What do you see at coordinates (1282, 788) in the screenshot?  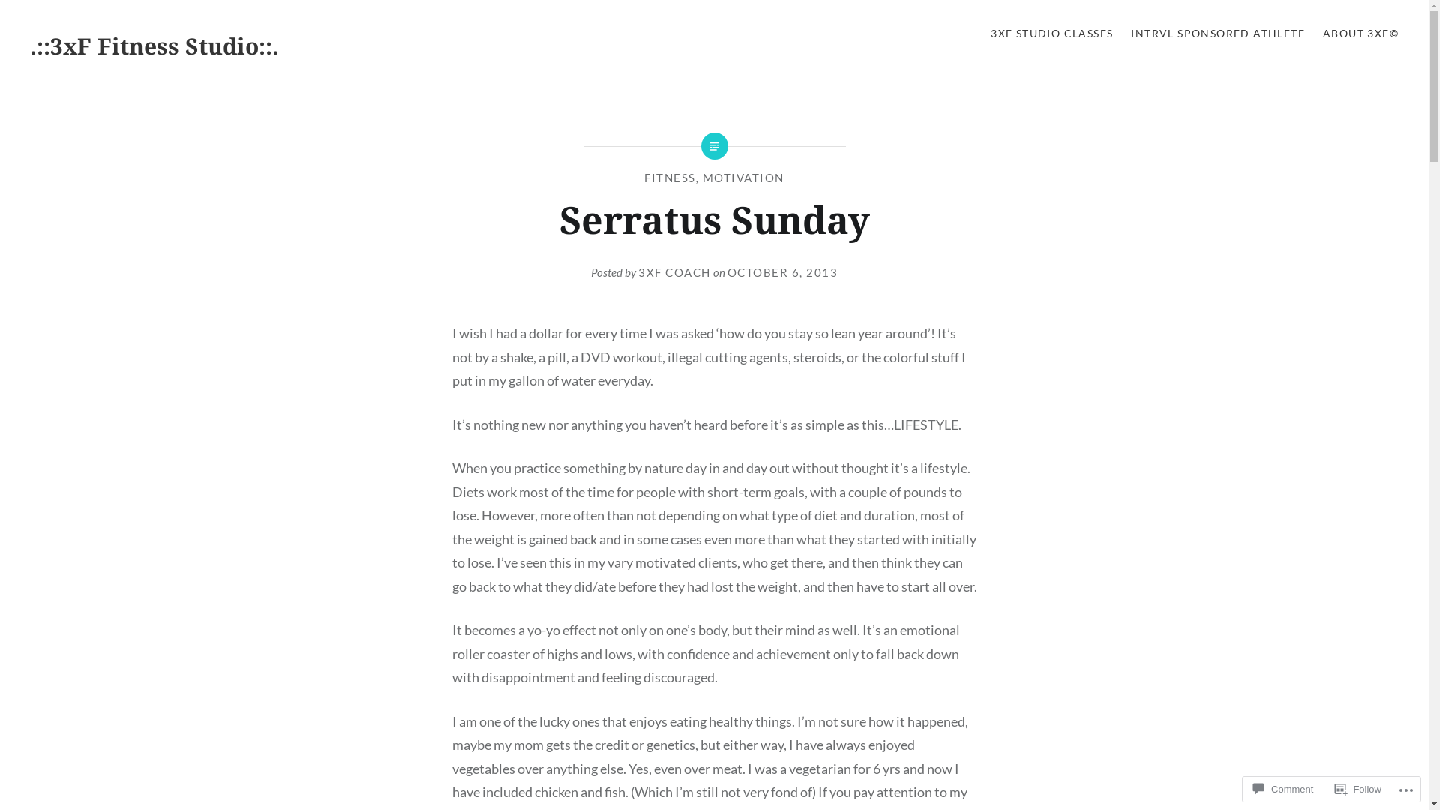 I see `'Comment'` at bounding box center [1282, 788].